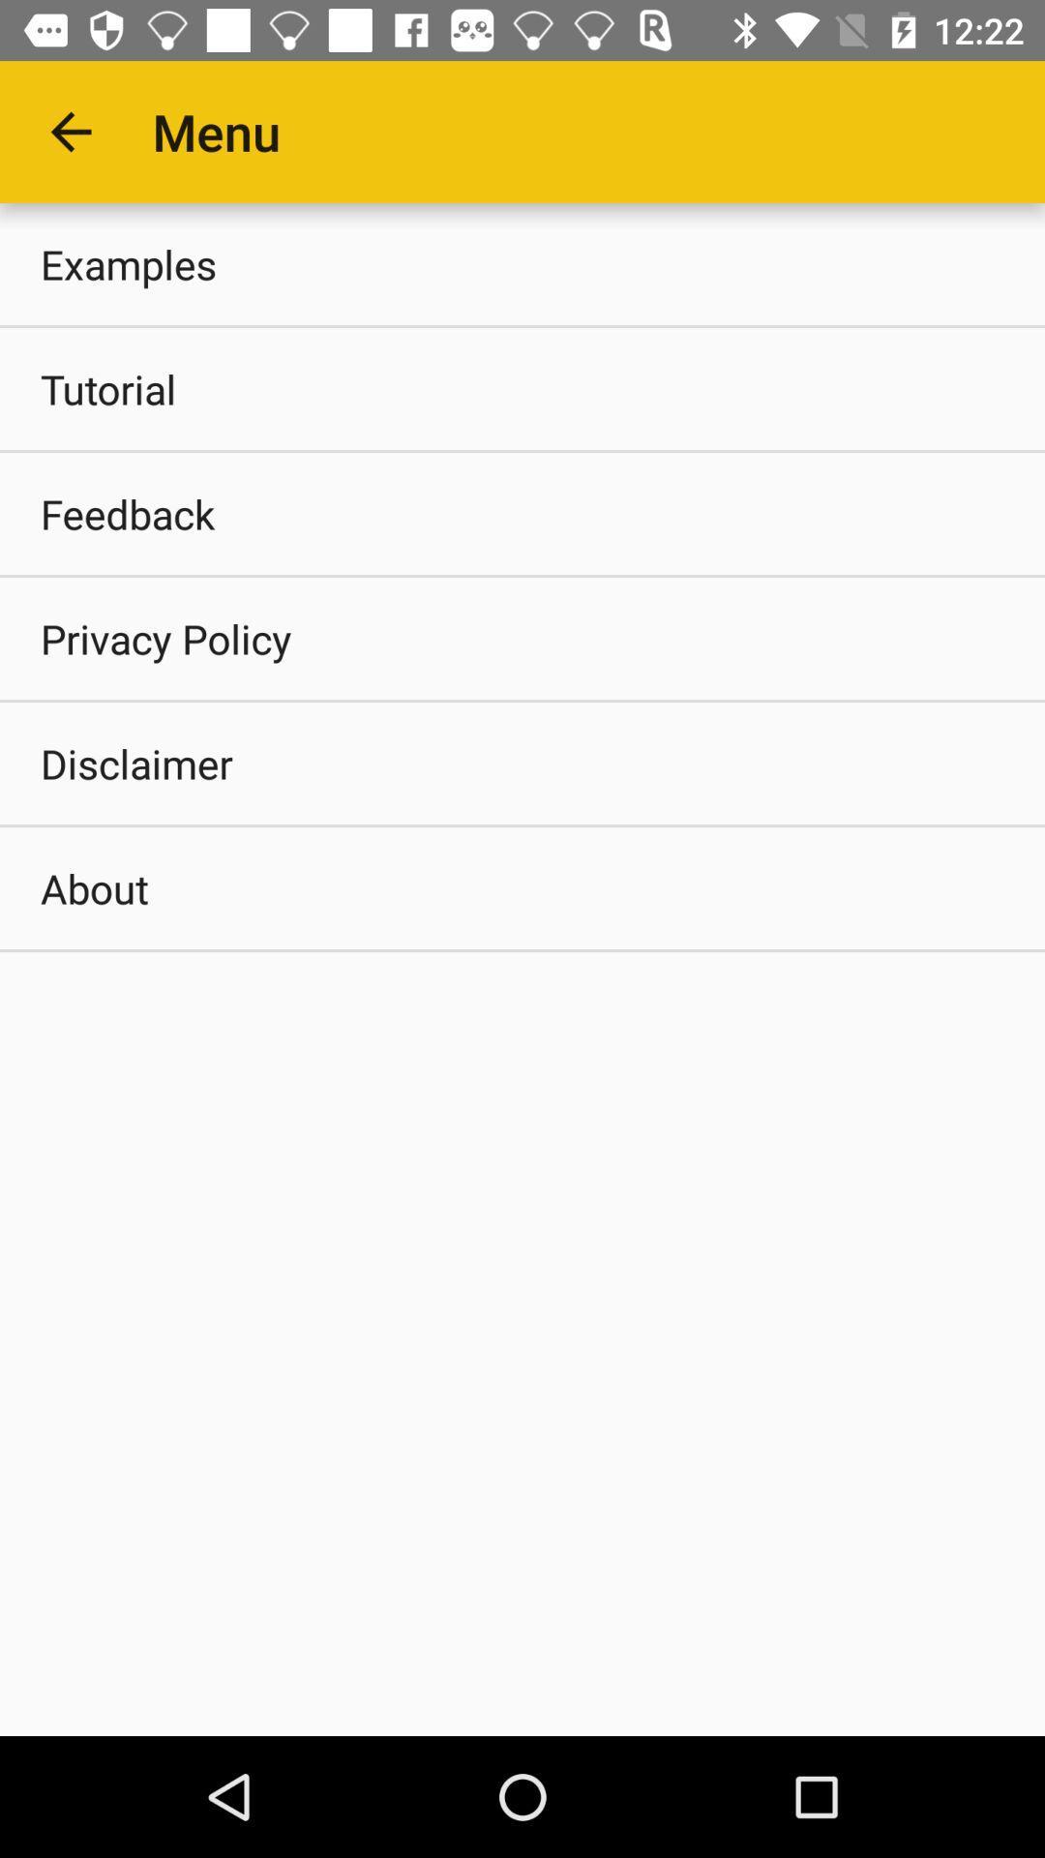  What do you see at coordinates (522, 514) in the screenshot?
I see `feedback` at bounding box center [522, 514].